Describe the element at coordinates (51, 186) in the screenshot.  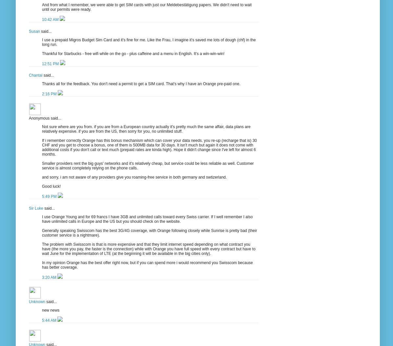
I see `'Good luck!'` at that location.